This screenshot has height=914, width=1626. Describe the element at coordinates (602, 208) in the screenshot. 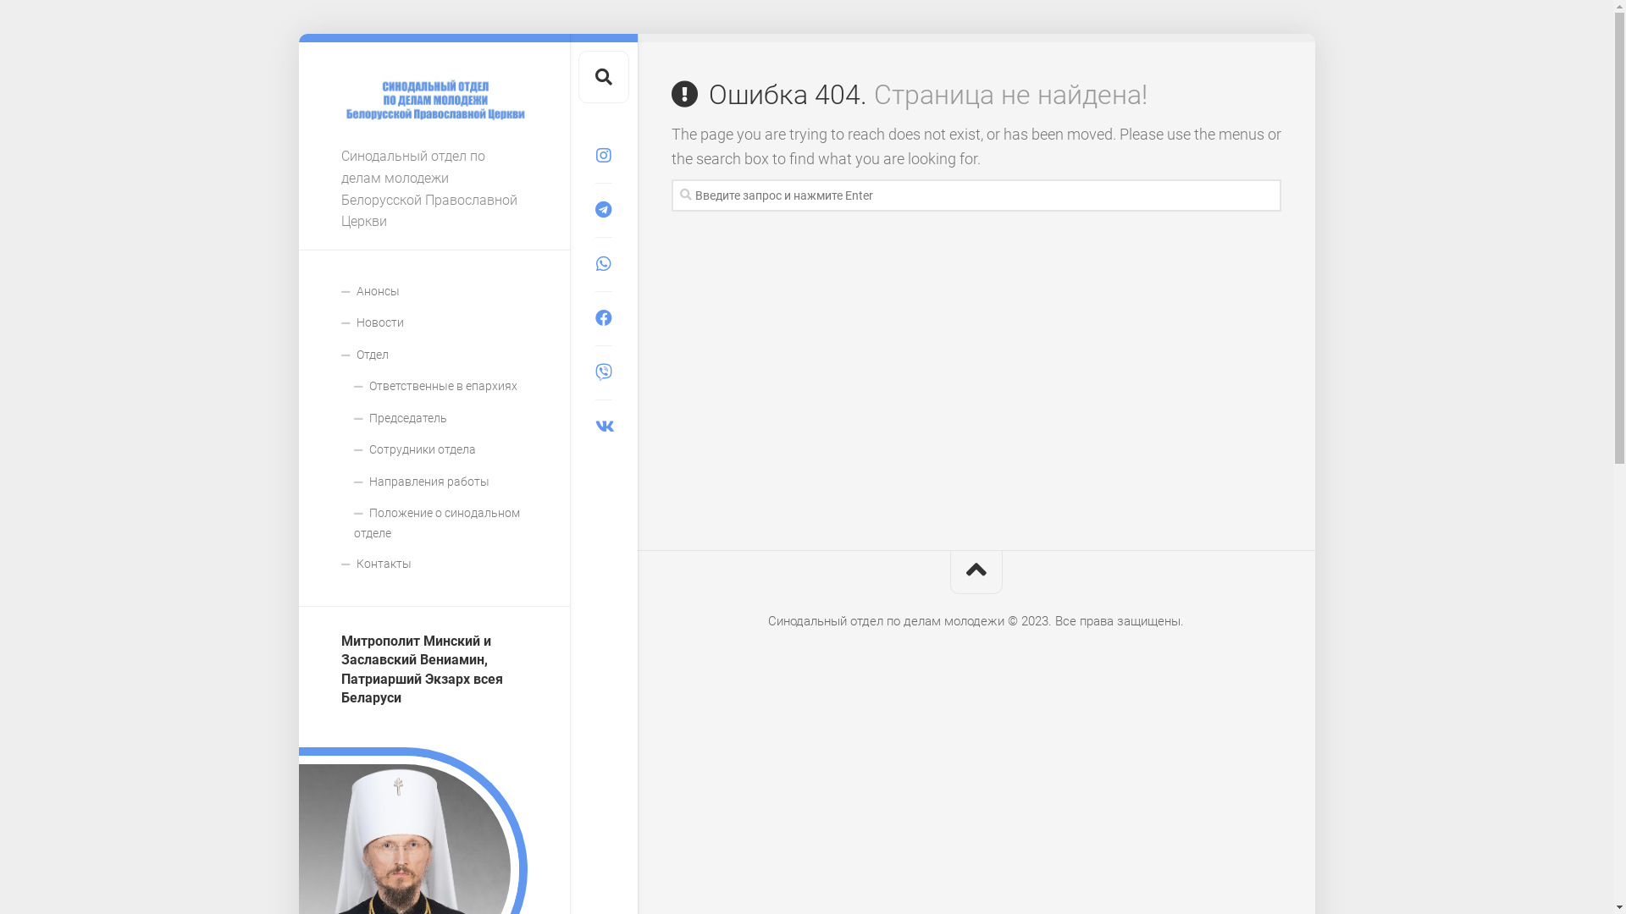

I see `'telegram'` at that location.